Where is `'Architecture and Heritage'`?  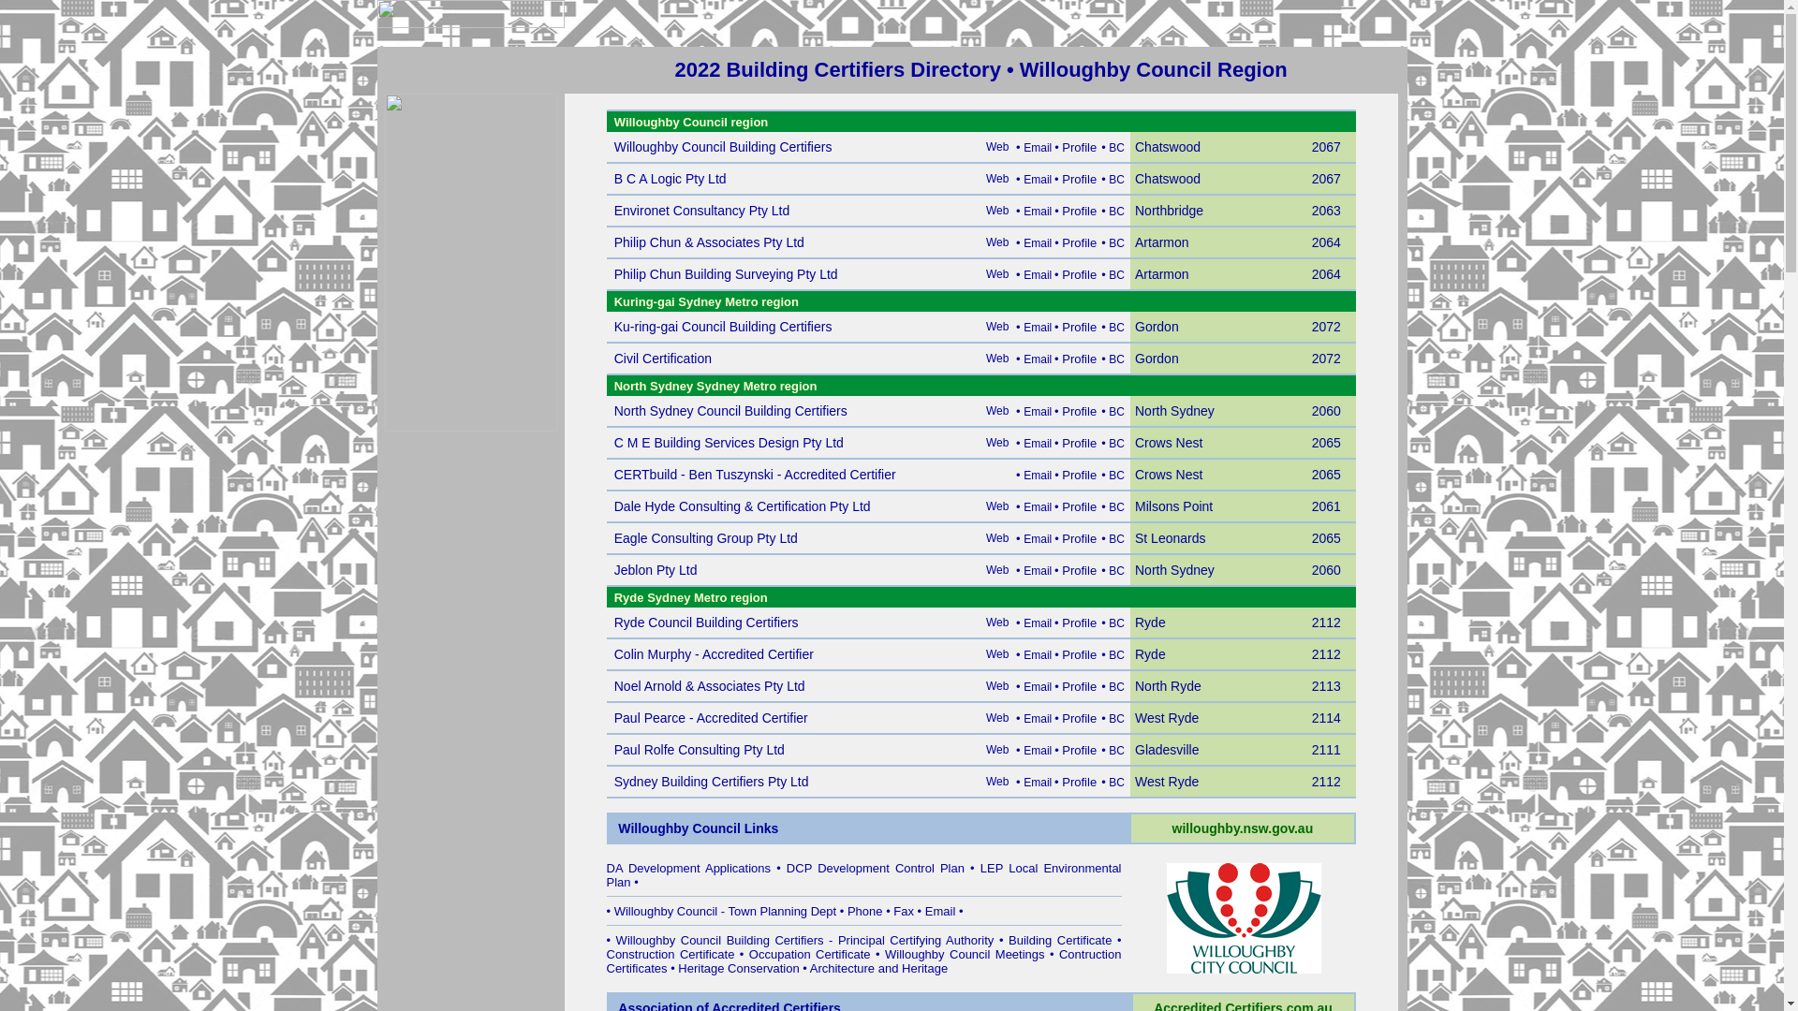
'Architecture and Heritage' is located at coordinates (877, 968).